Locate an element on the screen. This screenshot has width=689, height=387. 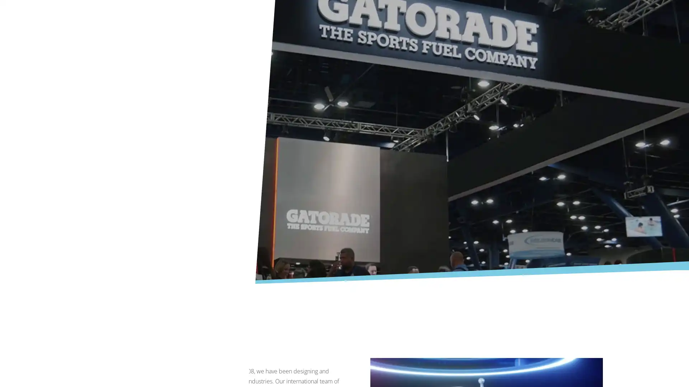
Accept All is located at coordinates (612, 371).